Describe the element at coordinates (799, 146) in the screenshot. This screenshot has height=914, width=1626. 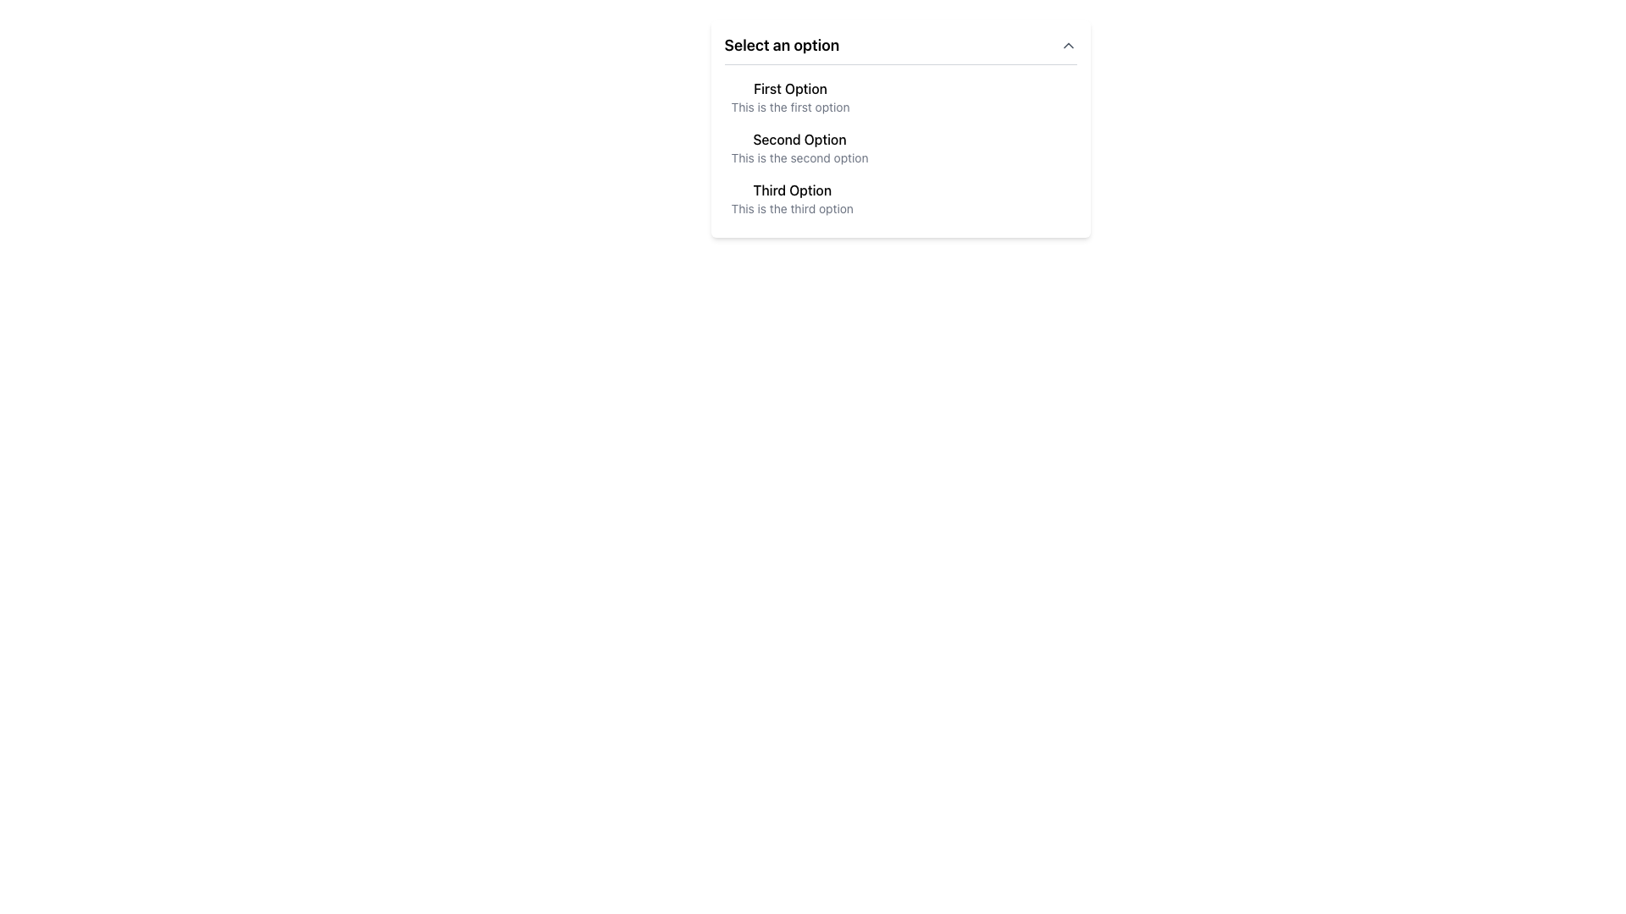
I see `the 'Second Option' selectable item in the dropdown list located under the header 'Select an option'` at that location.